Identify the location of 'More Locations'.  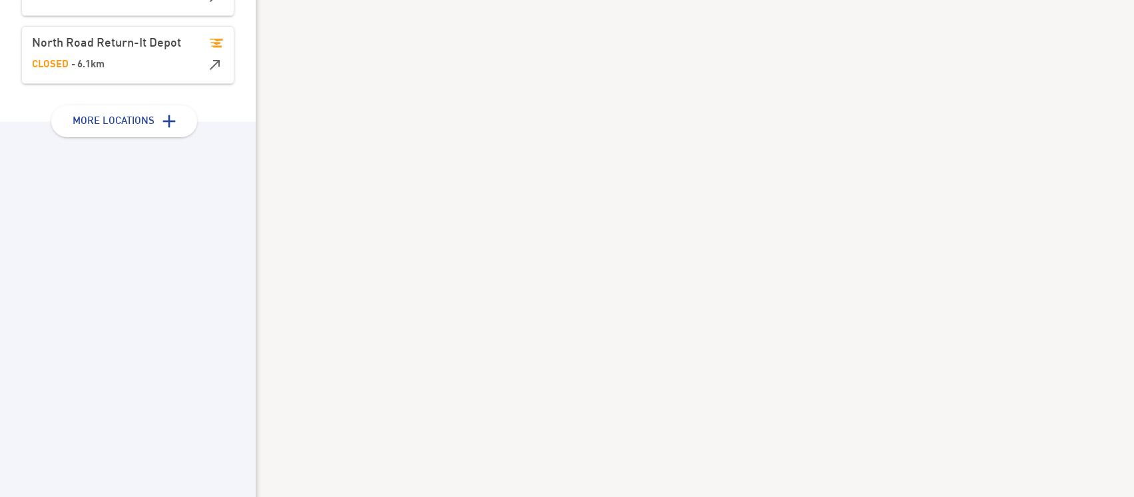
(113, 121).